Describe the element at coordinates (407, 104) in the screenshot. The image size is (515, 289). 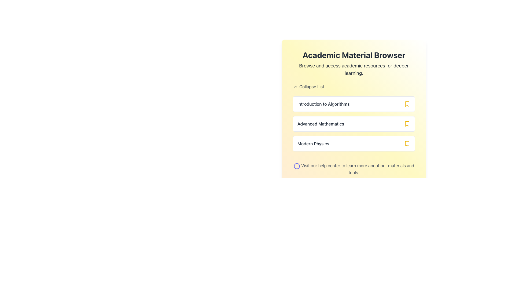
I see `the bookmark icon located to the right of the first list item labeled 'Introduction to Algorithms'` at that location.